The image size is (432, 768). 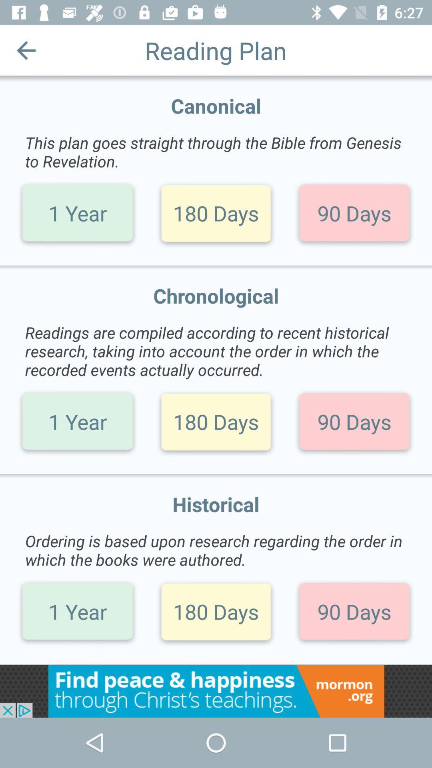 I want to click on going back option, so click(x=26, y=50).